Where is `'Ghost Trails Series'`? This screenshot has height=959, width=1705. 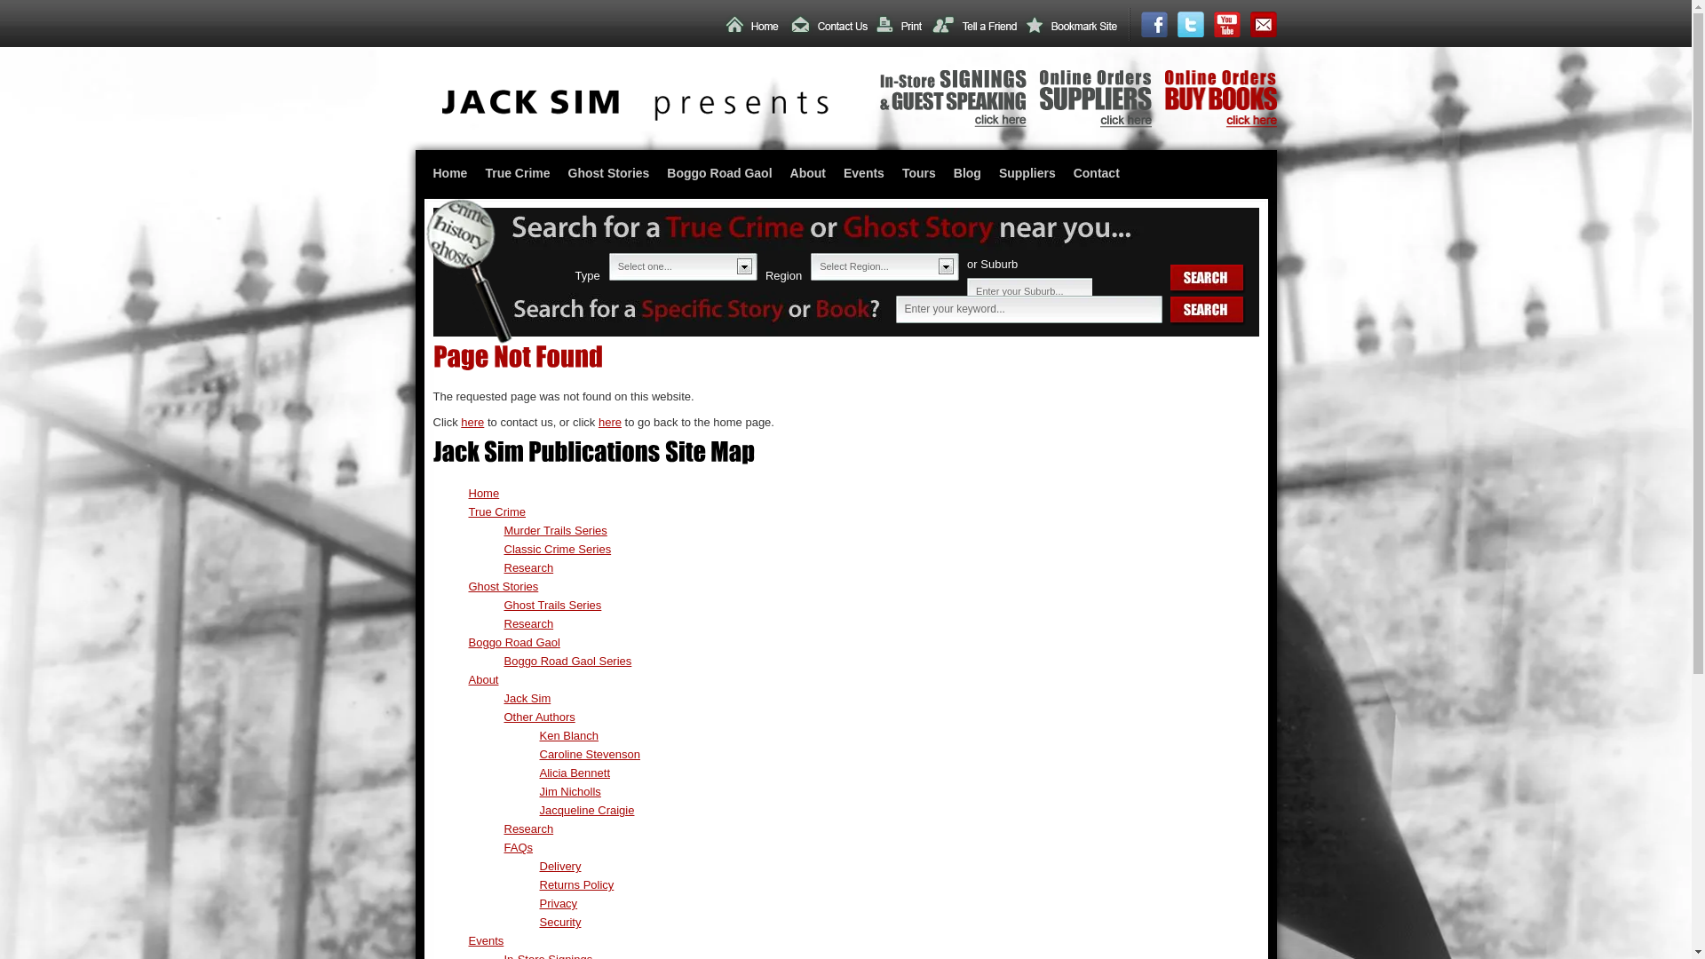
'Ghost Trails Series' is located at coordinates (552, 604).